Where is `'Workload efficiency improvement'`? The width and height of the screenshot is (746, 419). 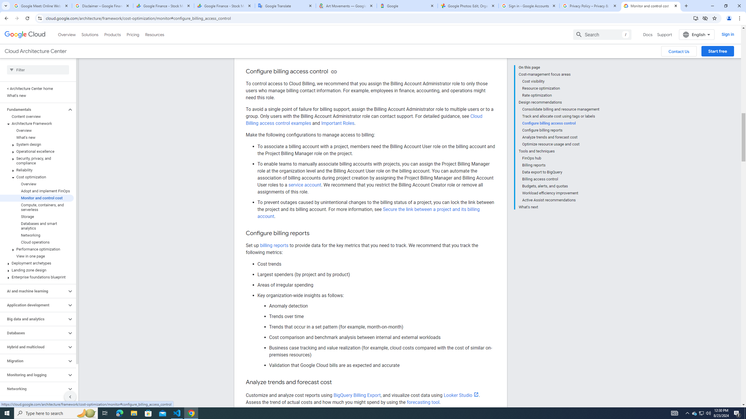 'Workload efficiency improvement' is located at coordinates (561, 193).